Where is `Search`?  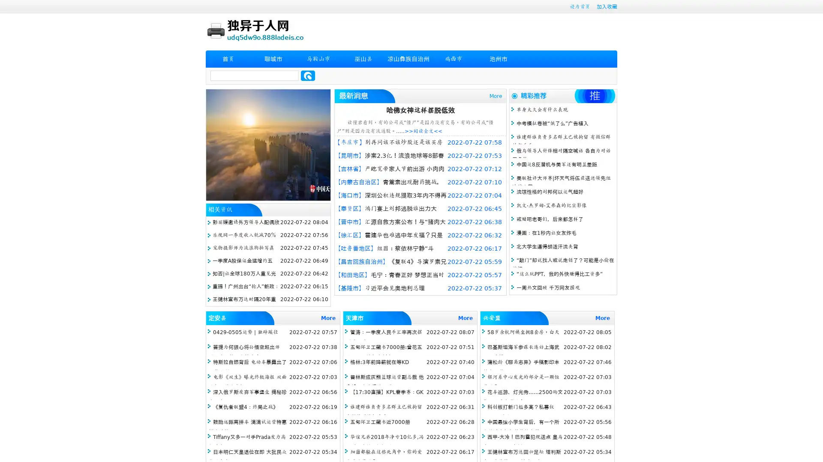 Search is located at coordinates (308, 75).